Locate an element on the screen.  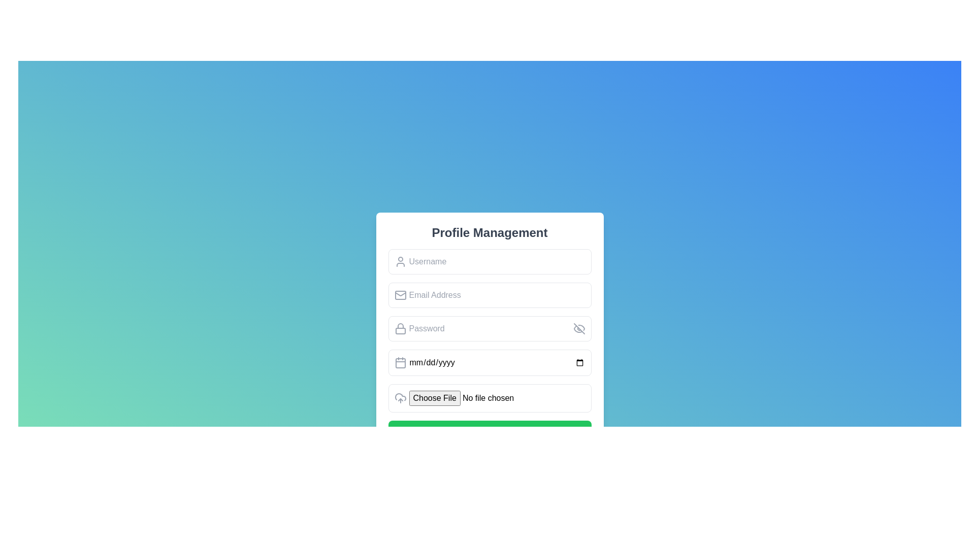
the background rectangle of the email icon, which is located to the left of the 'Email Address' text field in the vertical form layout is located at coordinates (400, 295).